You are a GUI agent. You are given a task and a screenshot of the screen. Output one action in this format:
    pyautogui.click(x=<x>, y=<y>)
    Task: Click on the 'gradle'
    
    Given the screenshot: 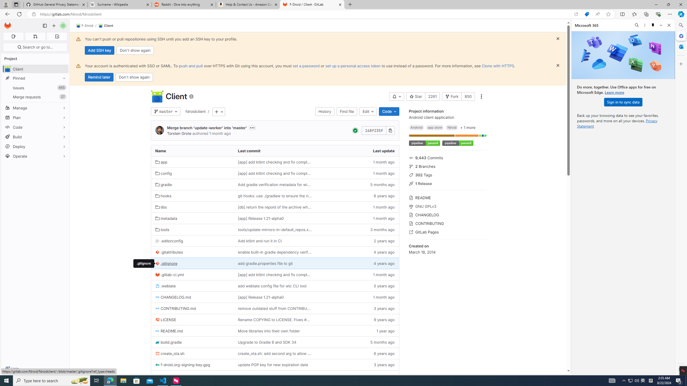 What is the action you would take?
    pyautogui.click(x=192, y=184)
    